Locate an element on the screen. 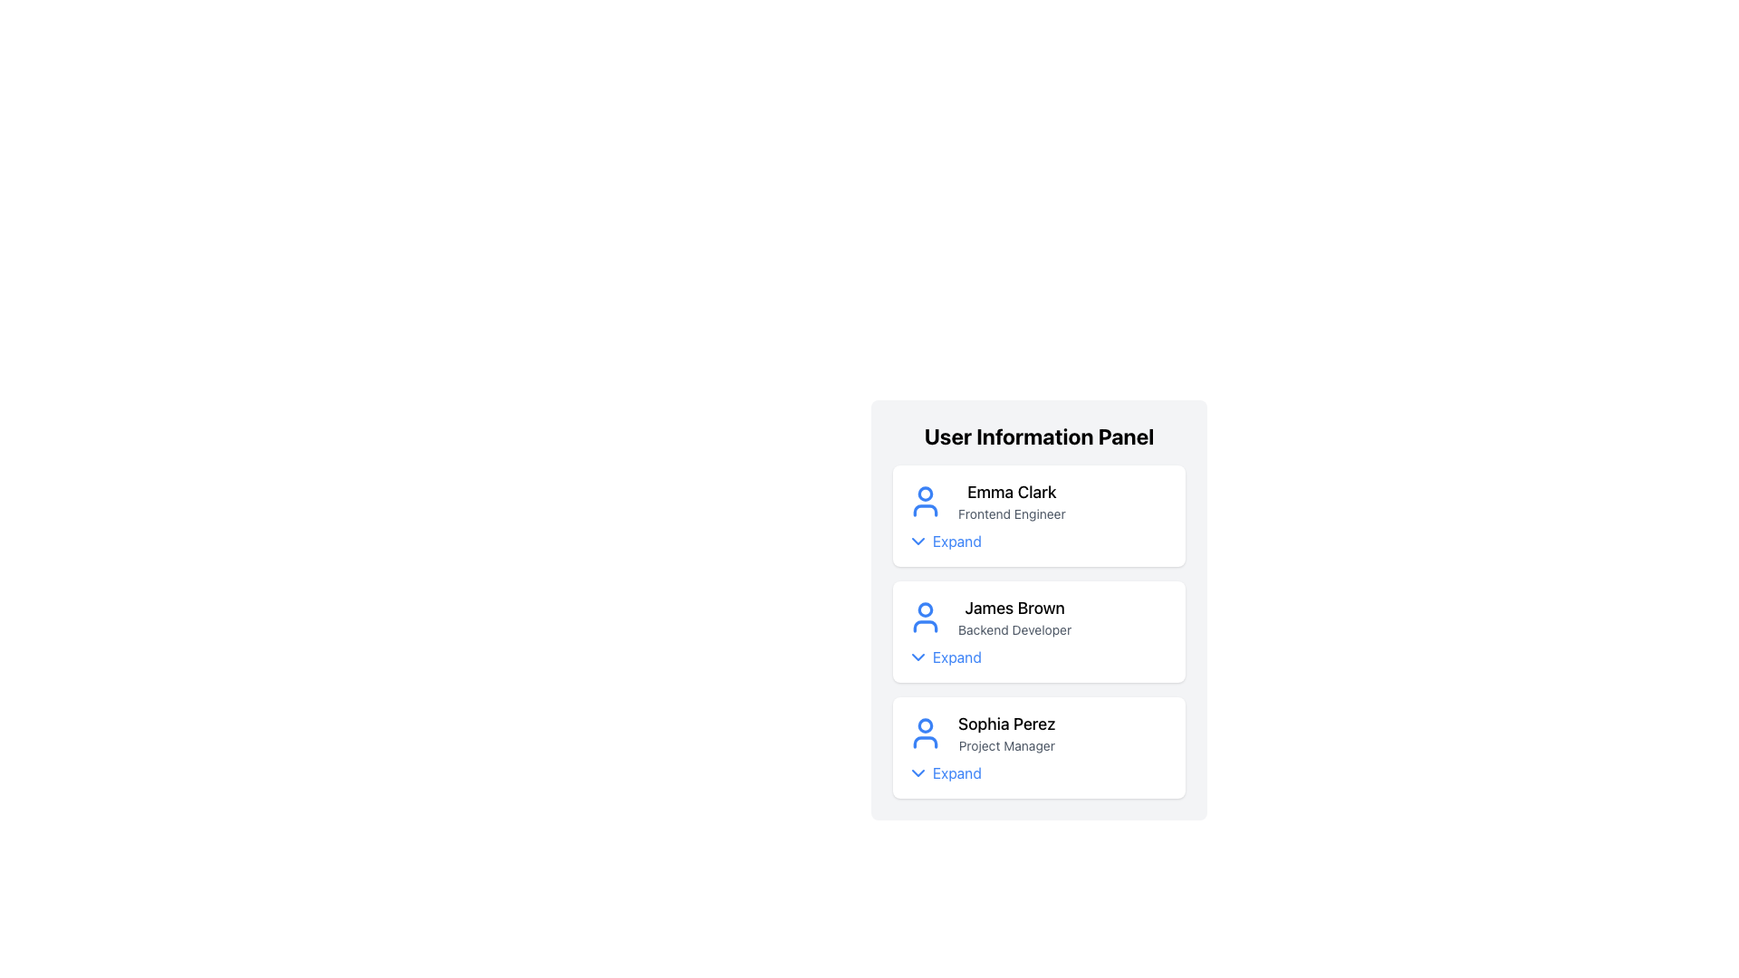 This screenshot has height=978, width=1739. information displayed in the text label identifying 'Sophia Perez' as 'Project Manager' in the third user information block is located at coordinates (1005, 733).